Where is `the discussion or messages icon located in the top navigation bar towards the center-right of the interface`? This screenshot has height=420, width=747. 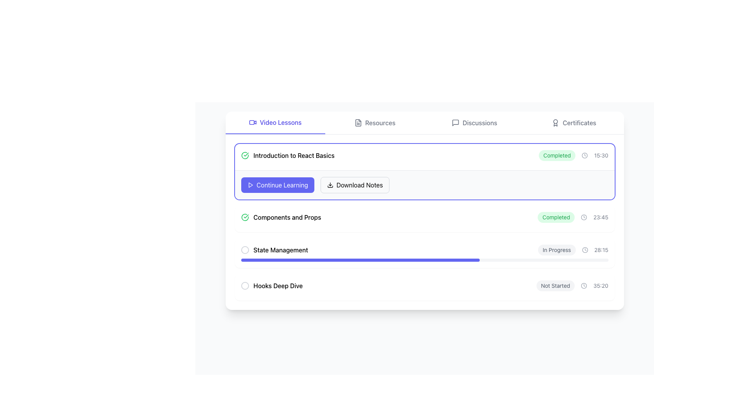 the discussion or messages icon located in the top navigation bar towards the center-right of the interface is located at coordinates (456, 122).